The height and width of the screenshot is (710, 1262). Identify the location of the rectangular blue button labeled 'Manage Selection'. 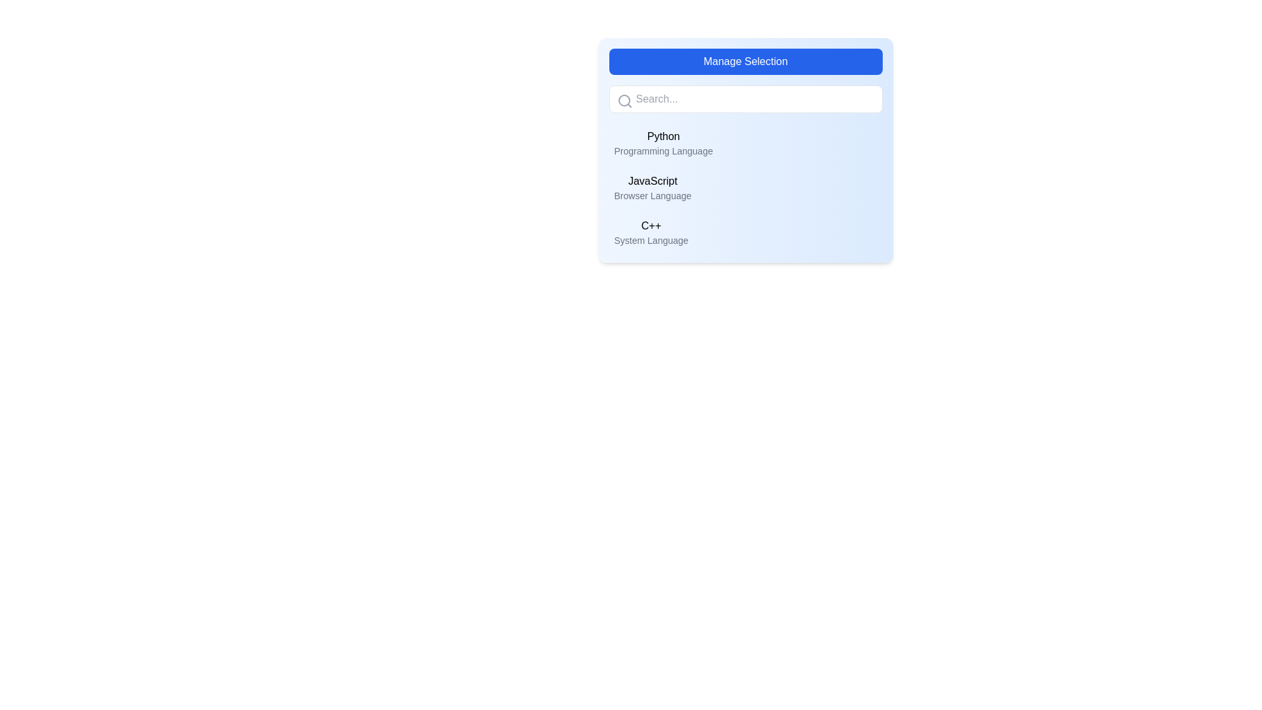
(745, 61).